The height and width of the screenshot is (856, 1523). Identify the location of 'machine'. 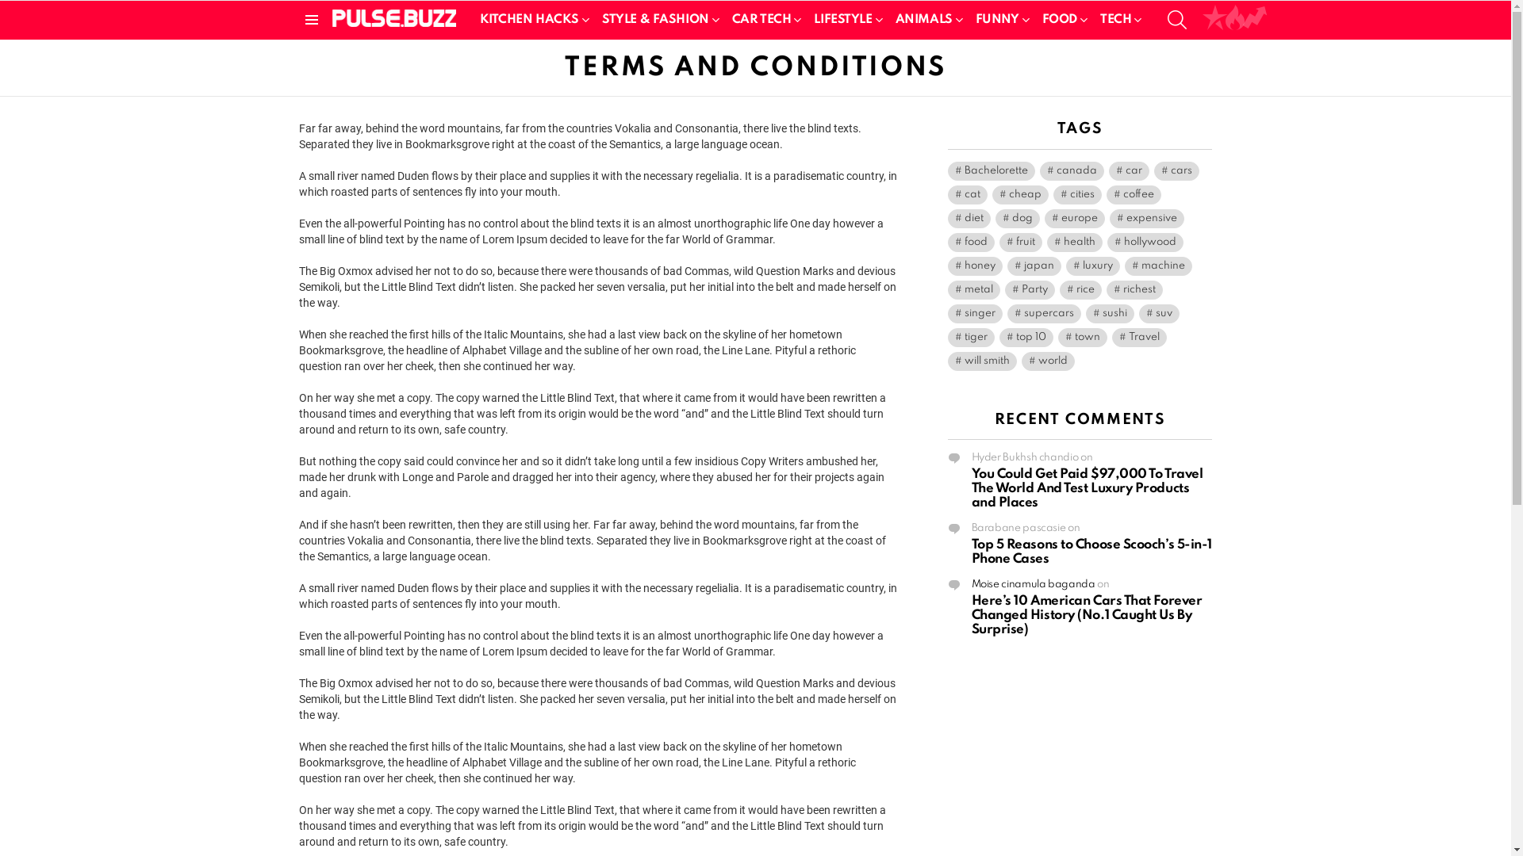
(1158, 265).